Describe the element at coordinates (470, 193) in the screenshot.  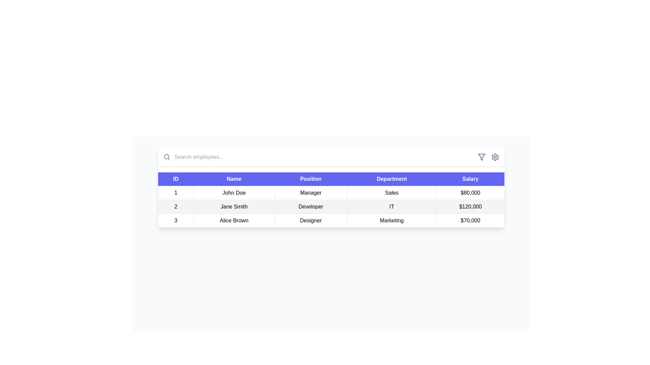
I see `the text displaying the salary of $80,000 in the Salary column of the table` at that location.